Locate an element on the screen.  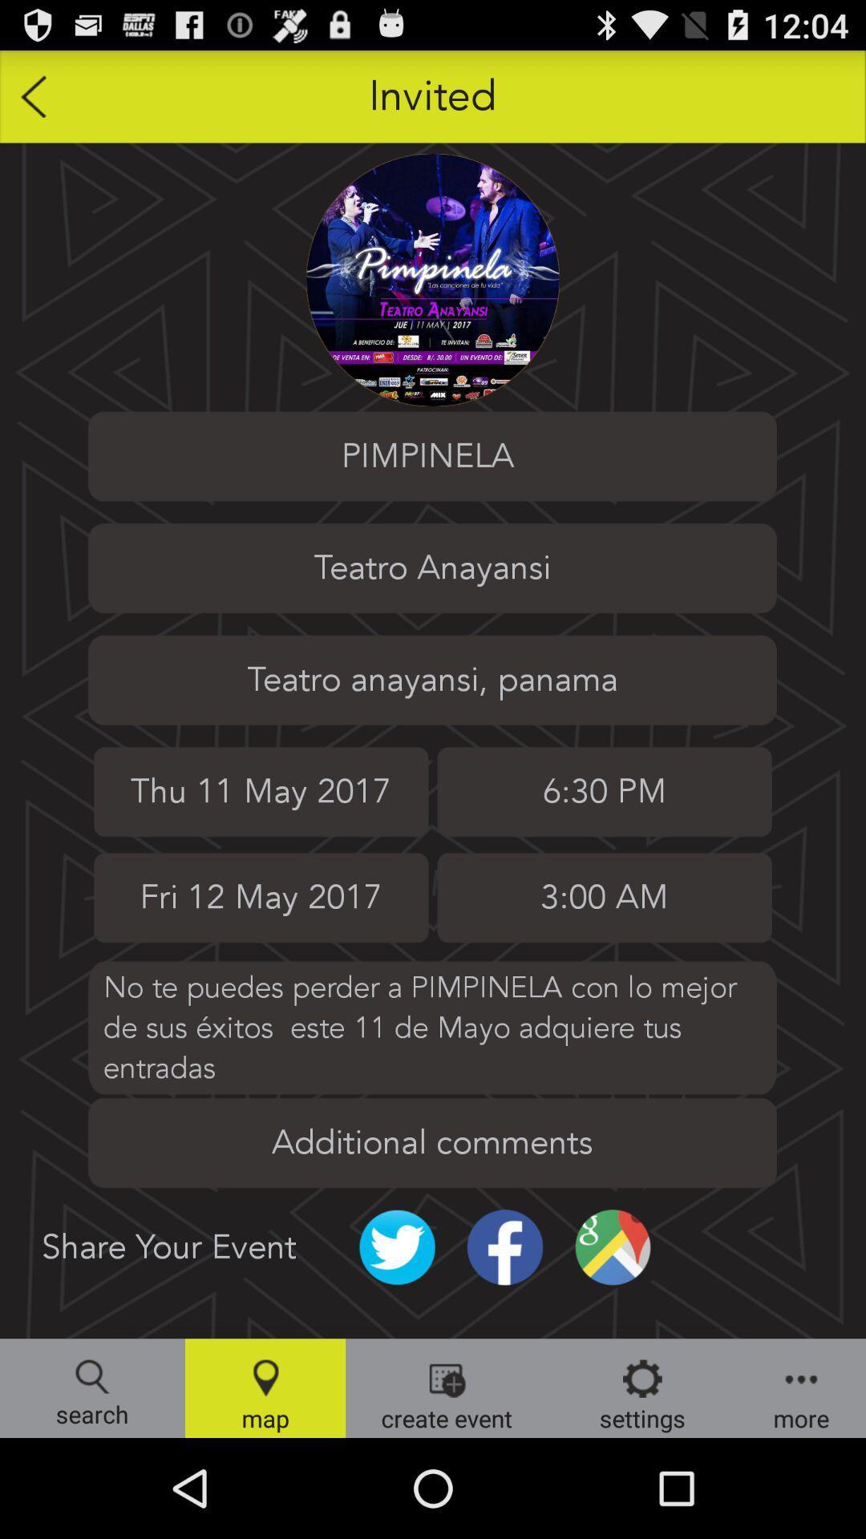
the time 300 am is located at coordinates (604, 898).